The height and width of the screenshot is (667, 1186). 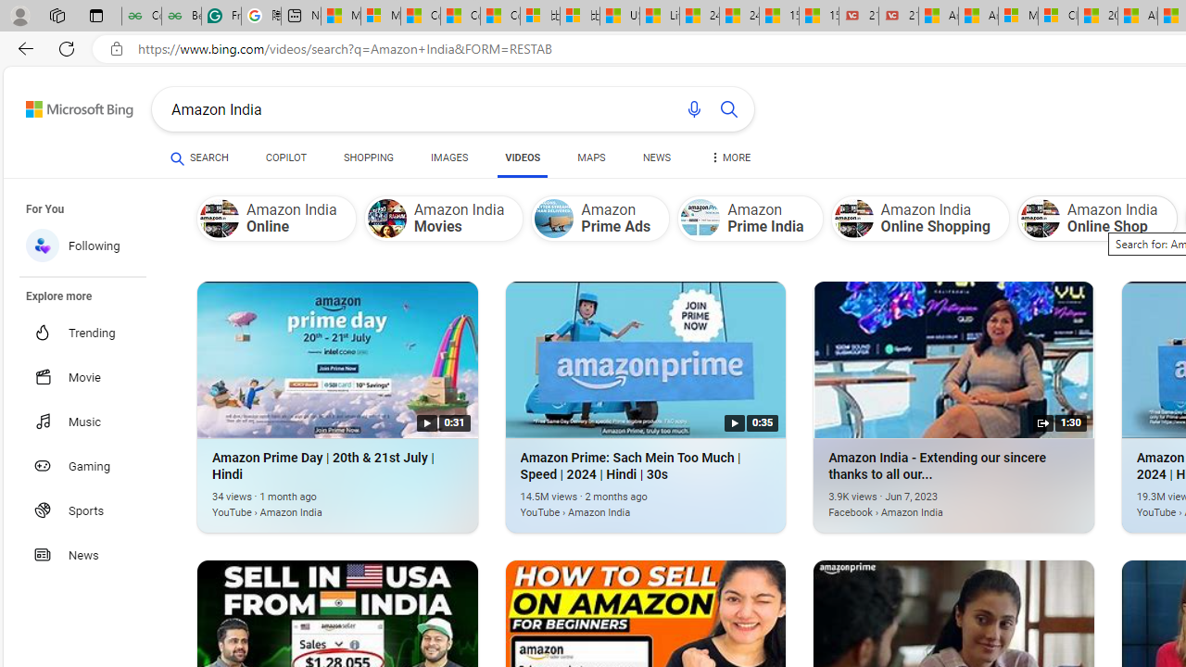 I want to click on 'MAPS', so click(x=590, y=157).